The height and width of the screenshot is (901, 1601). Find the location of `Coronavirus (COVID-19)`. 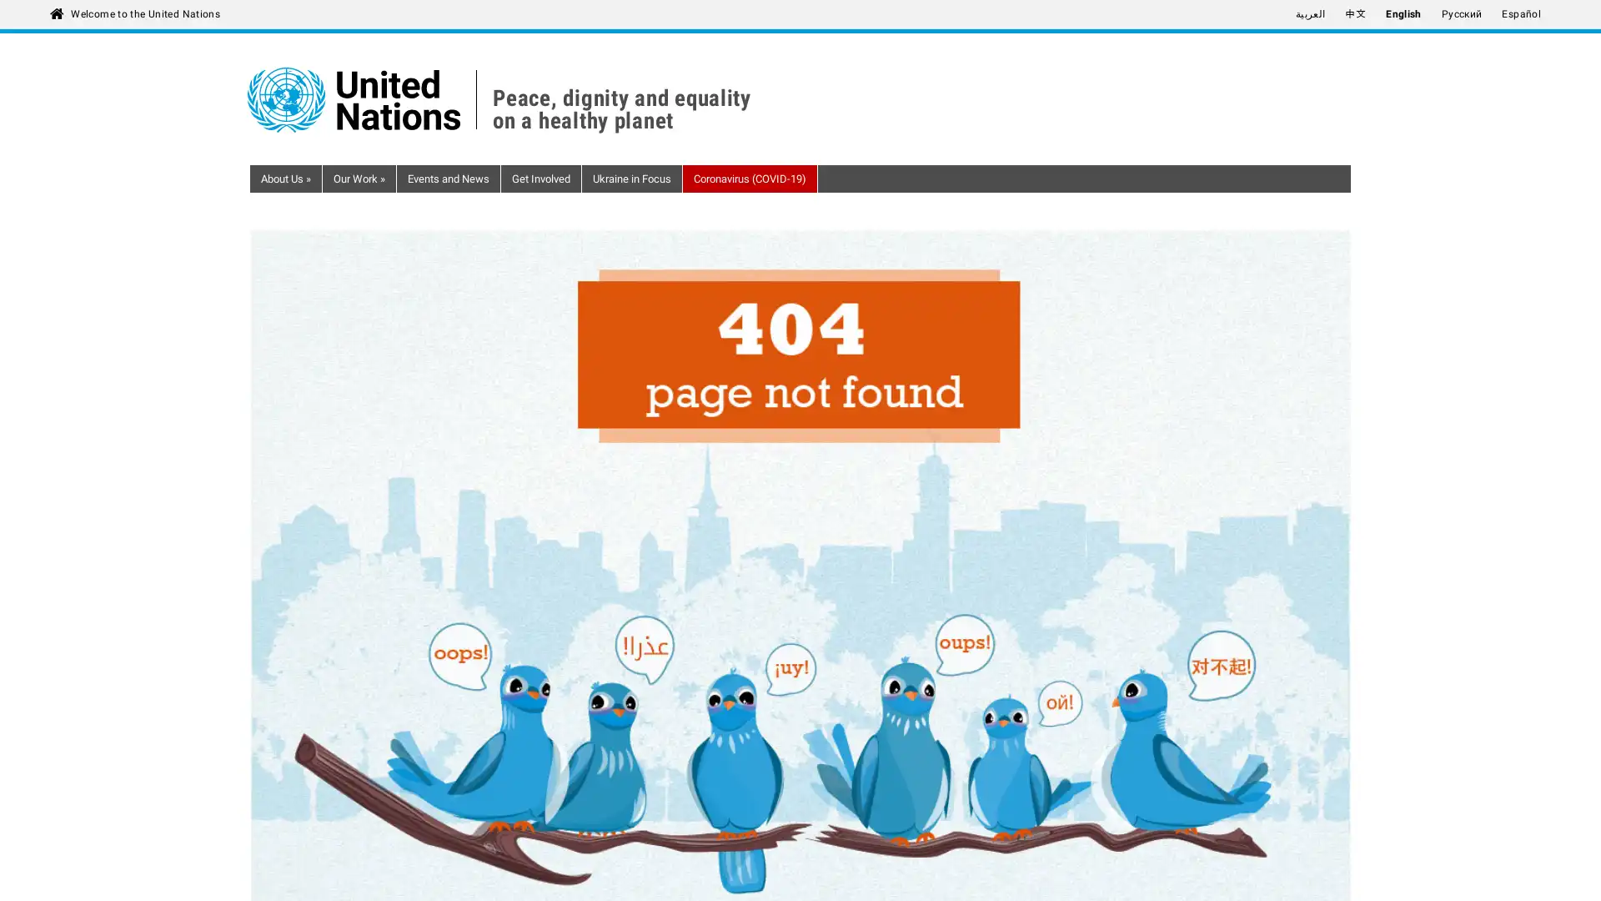

Coronavirus (COVID-19) is located at coordinates (750, 178).